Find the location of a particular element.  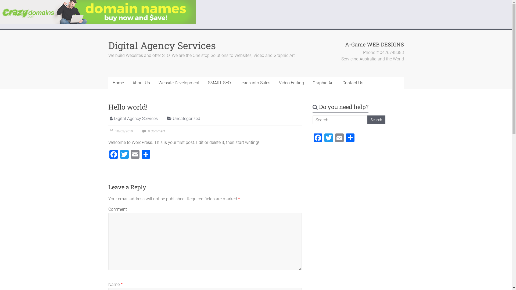

'Search' is located at coordinates (376, 119).